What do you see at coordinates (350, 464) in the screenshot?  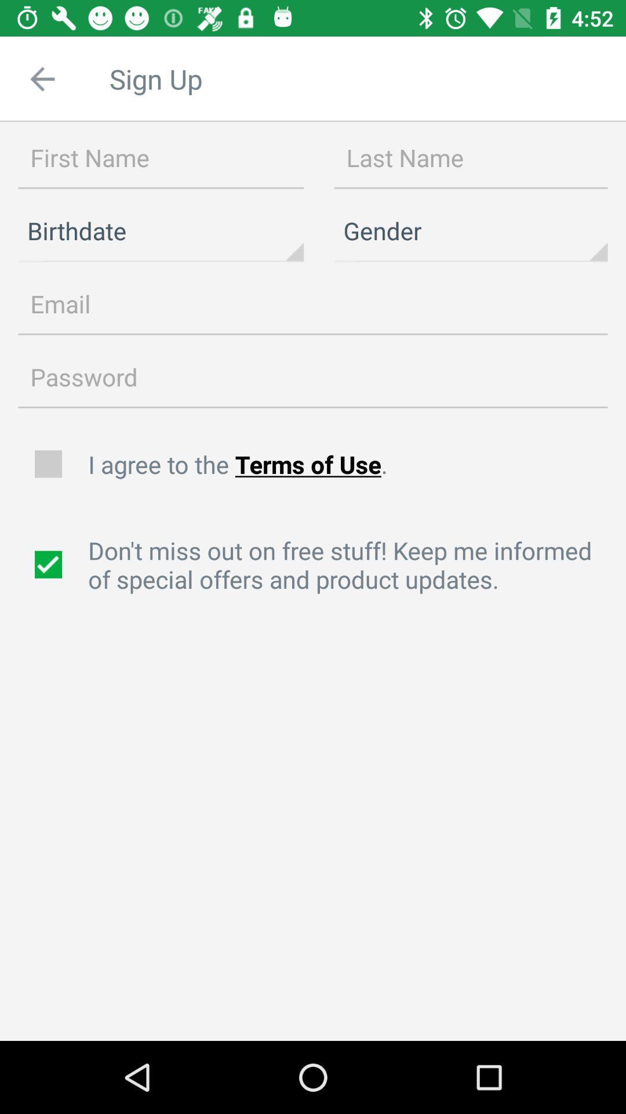 I see `the item above don t miss` at bounding box center [350, 464].